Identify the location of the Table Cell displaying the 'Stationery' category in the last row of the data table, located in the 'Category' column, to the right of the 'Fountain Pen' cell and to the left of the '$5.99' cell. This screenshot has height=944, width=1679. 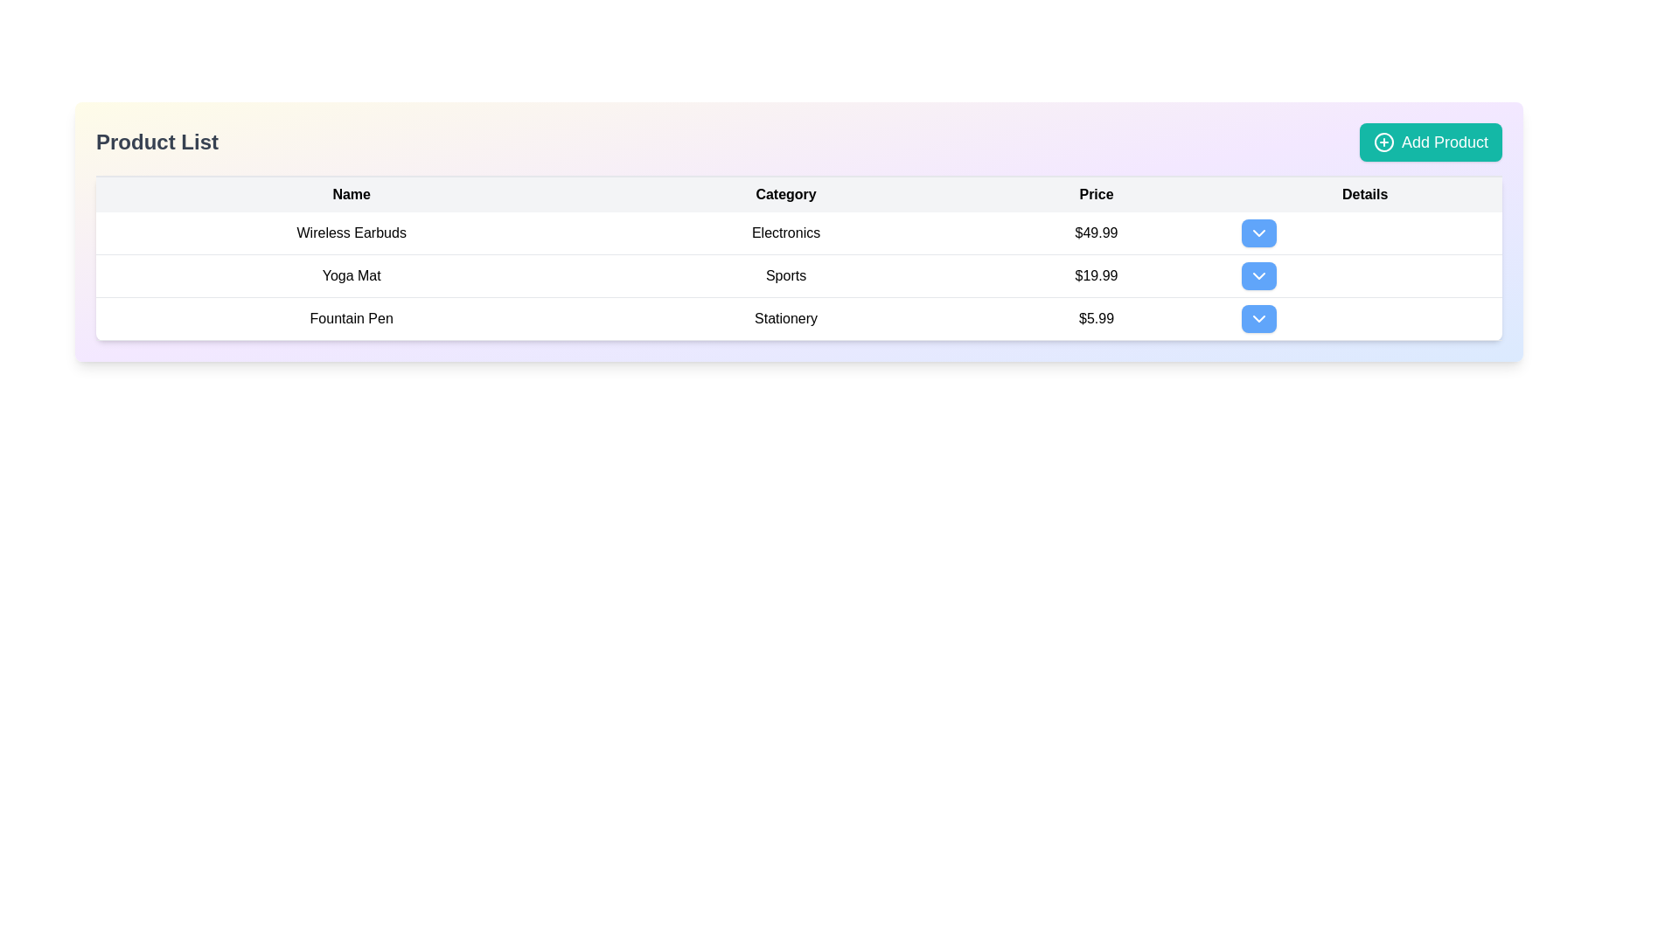
(785, 319).